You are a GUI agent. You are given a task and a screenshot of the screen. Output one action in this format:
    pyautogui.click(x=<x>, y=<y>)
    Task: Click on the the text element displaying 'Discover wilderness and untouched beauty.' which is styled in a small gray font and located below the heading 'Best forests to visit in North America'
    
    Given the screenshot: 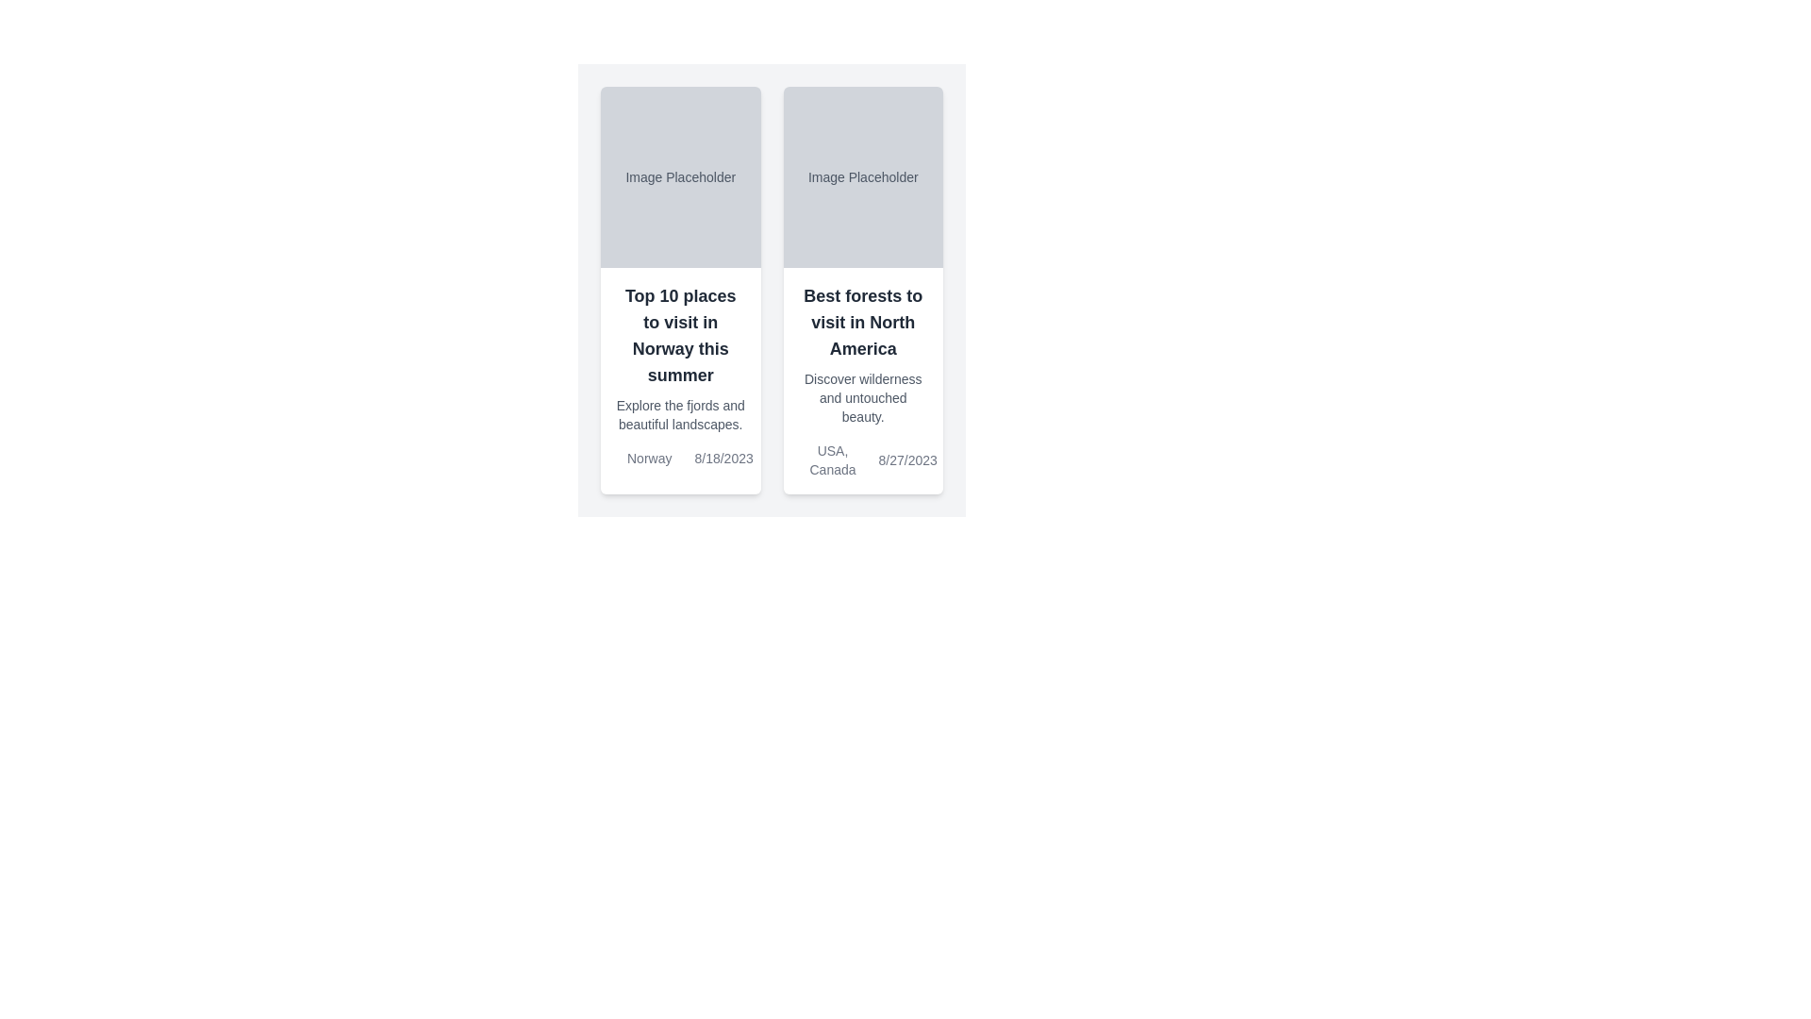 What is the action you would take?
    pyautogui.click(x=862, y=396)
    